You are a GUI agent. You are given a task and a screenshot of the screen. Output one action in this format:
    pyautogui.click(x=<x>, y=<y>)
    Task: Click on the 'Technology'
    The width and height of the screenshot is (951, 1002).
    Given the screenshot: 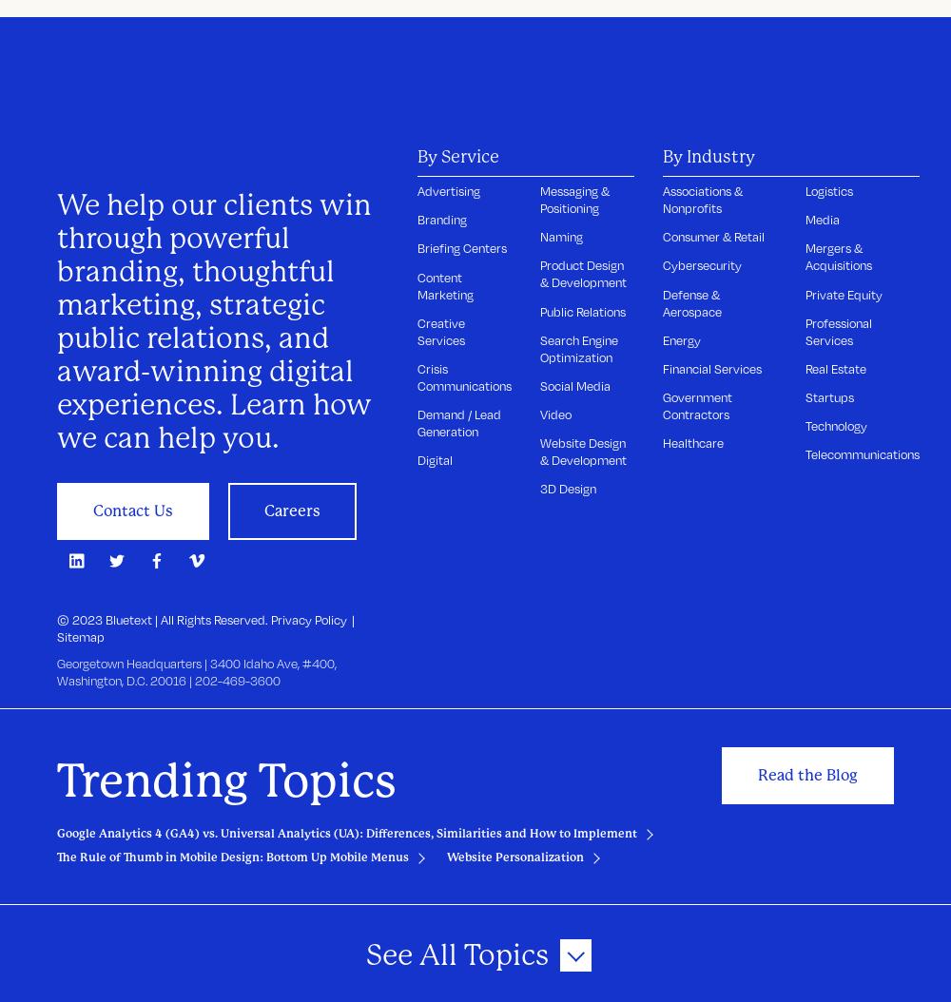 What is the action you would take?
    pyautogui.click(x=836, y=425)
    